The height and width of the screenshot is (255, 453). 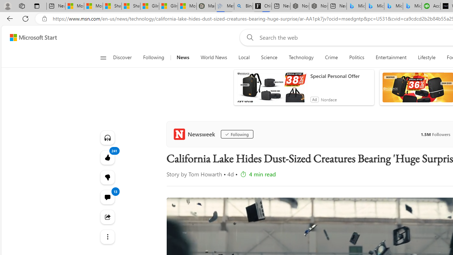 What do you see at coordinates (107, 157) in the screenshot?
I see `'241 Like'` at bounding box center [107, 157].